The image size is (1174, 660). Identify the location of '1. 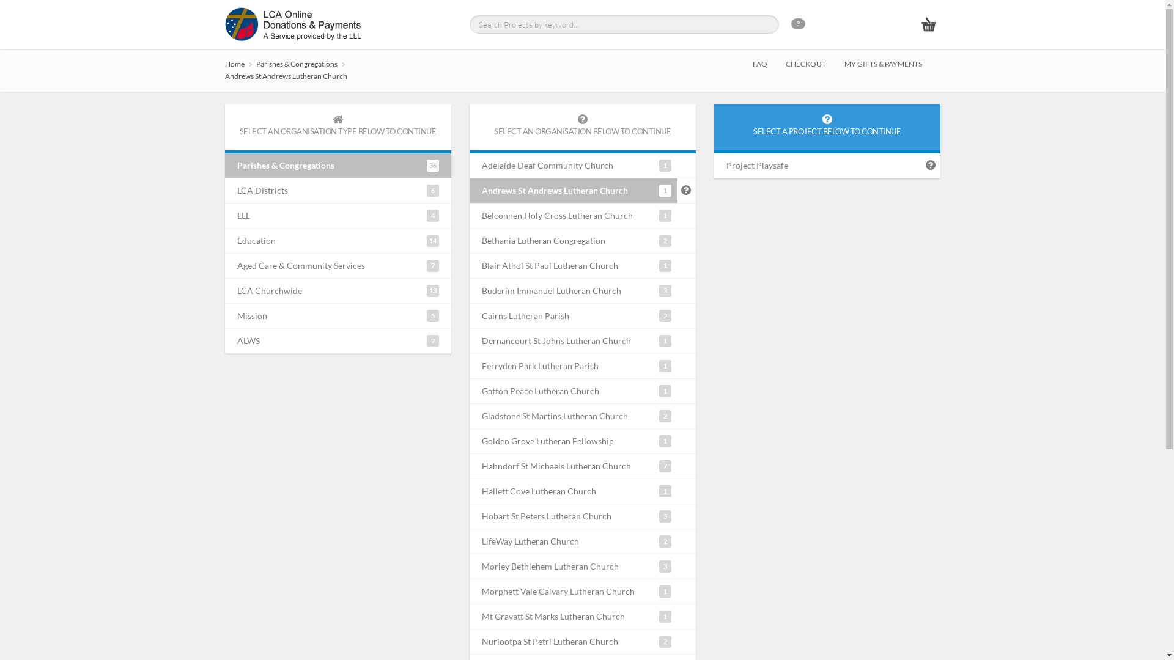
(572, 490).